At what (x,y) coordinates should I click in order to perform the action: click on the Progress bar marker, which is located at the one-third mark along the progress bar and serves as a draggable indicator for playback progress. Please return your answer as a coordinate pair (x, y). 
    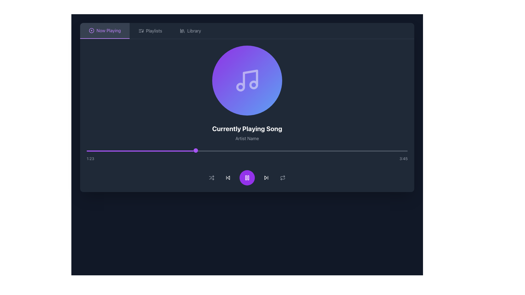
    Looking at the image, I should click on (196, 151).